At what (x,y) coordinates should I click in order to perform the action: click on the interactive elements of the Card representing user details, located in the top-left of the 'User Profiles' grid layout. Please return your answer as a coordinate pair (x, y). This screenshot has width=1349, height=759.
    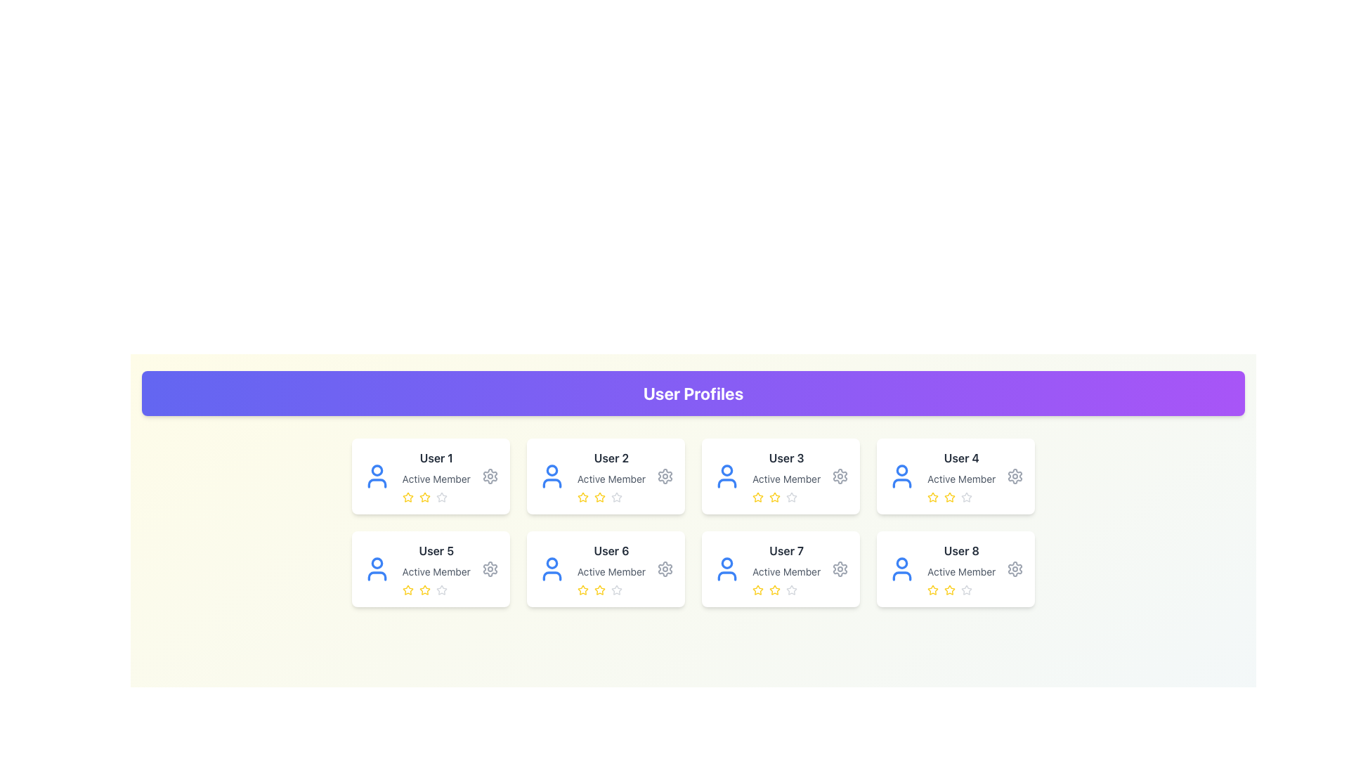
    Looking at the image, I should click on (436, 476).